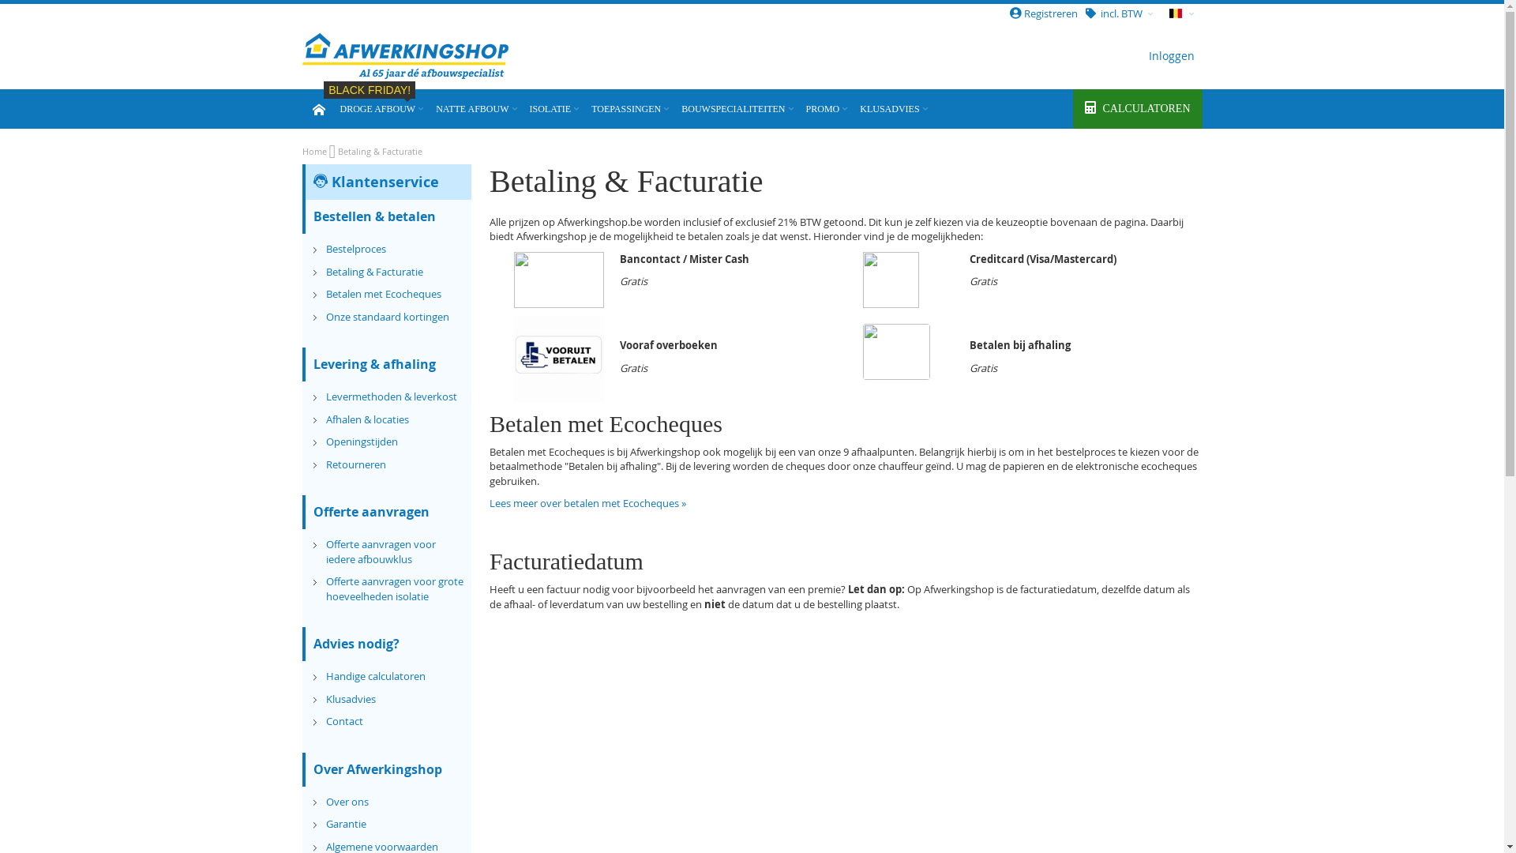  What do you see at coordinates (390, 395) in the screenshot?
I see `'Levermethoden & leverkost'` at bounding box center [390, 395].